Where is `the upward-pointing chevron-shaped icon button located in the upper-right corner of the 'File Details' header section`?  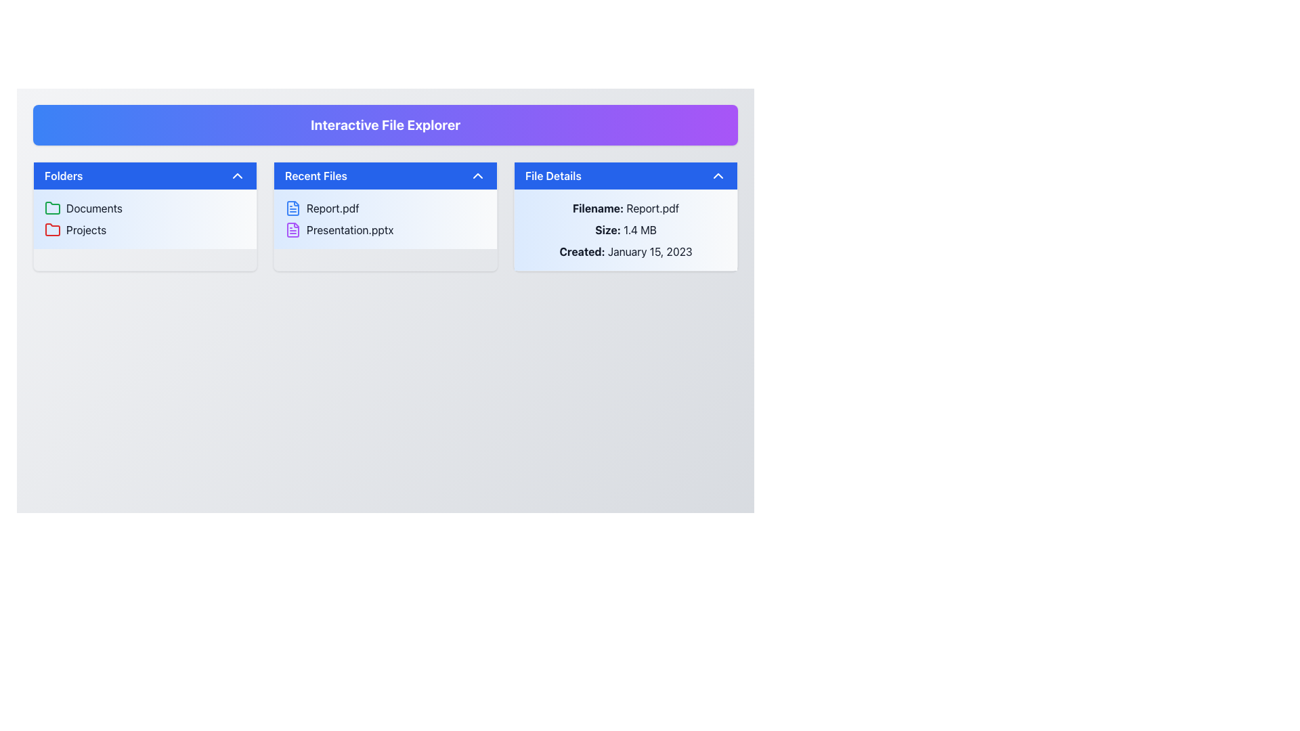
the upward-pointing chevron-shaped icon button located in the upper-right corner of the 'File Details' header section is located at coordinates (717, 175).